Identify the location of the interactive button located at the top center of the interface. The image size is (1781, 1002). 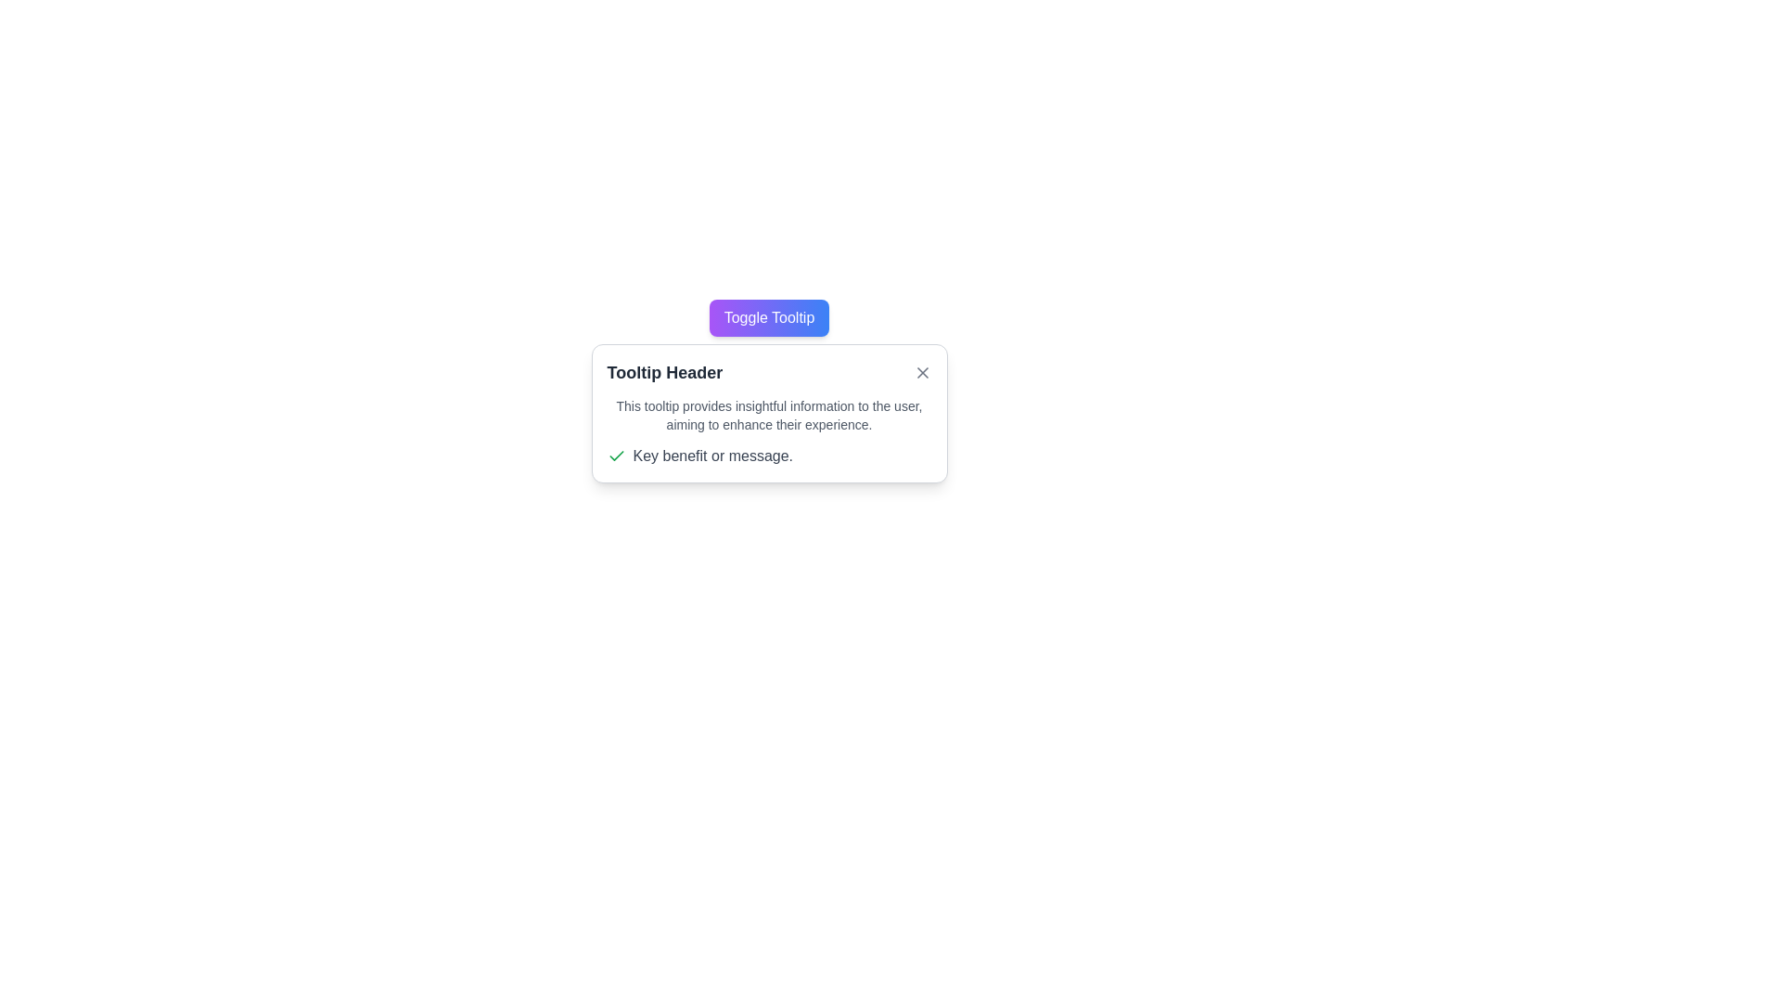
(769, 317).